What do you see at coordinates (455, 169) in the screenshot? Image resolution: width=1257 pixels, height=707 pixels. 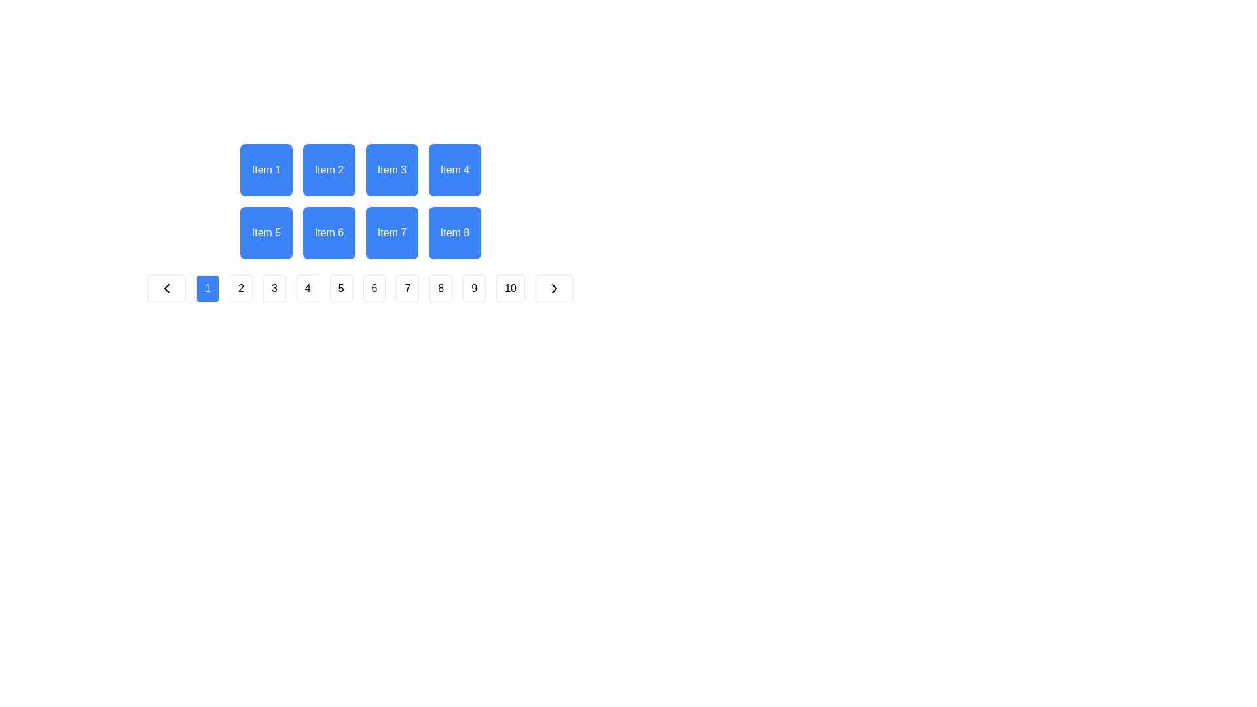 I see `the square button with a blue background and white text that reads 'Item 4', located in the top-right position of the first row of a grid layout` at bounding box center [455, 169].